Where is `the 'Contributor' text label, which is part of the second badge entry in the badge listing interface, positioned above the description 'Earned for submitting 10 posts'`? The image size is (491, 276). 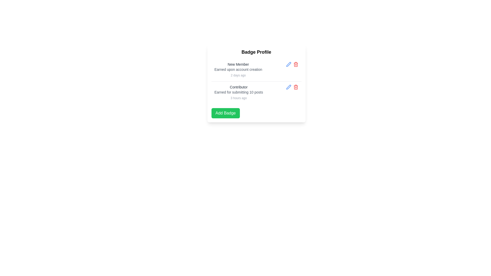
the 'Contributor' text label, which is part of the second badge entry in the badge listing interface, positioned above the description 'Earned for submitting 10 posts' is located at coordinates (238, 87).